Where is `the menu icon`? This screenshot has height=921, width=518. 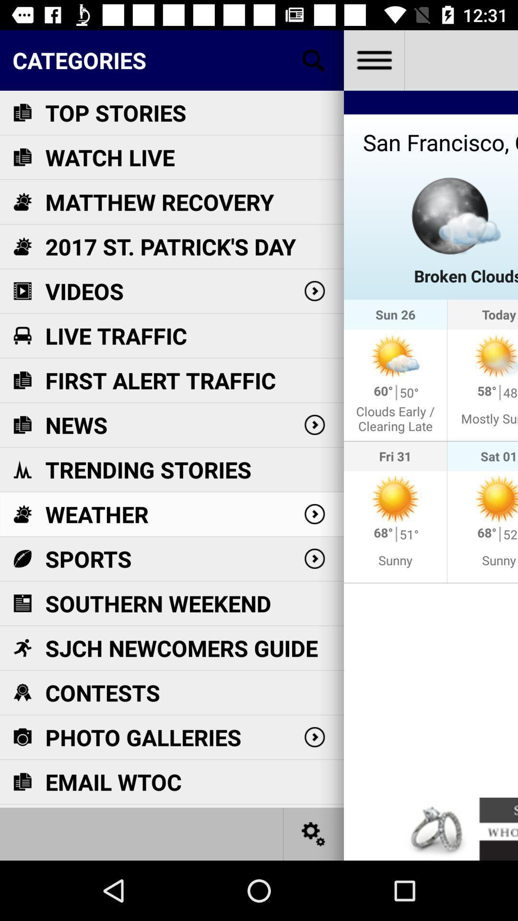
the menu icon is located at coordinates (373, 59).